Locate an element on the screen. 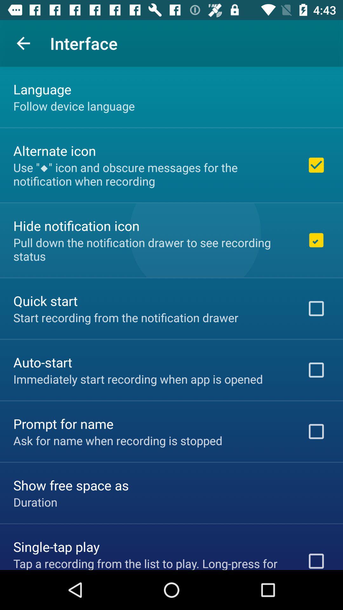  app next to interface icon is located at coordinates (23, 43).